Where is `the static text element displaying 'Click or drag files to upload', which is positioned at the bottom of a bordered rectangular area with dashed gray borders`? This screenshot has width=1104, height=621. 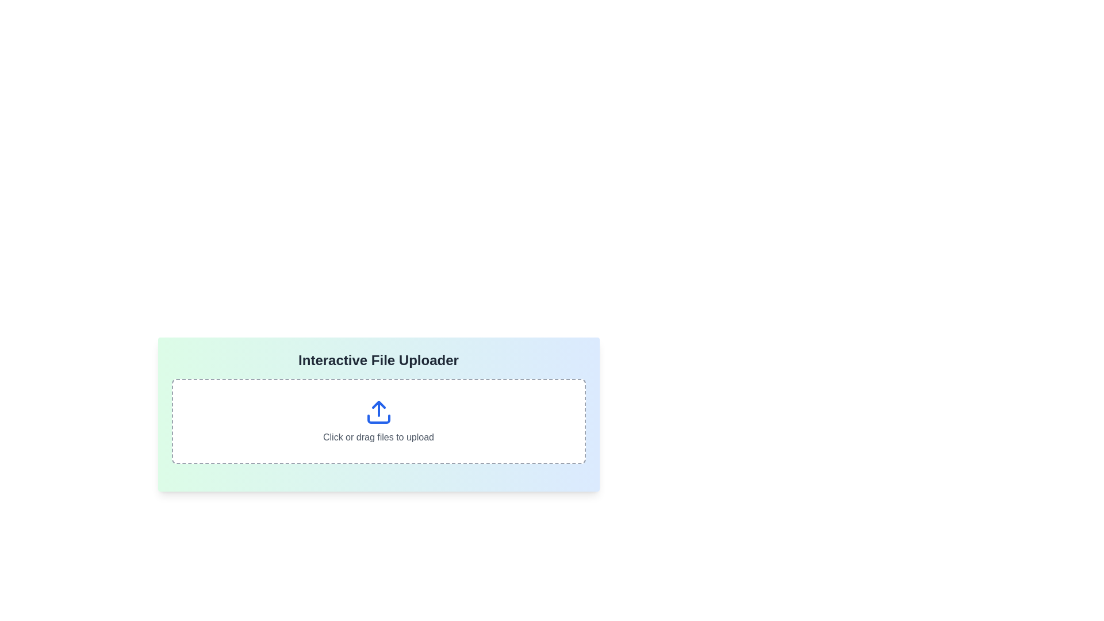 the static text element displaying 'Click or drag files to upload', which is positioned at the bottom of a bordered rectangular area with dashed gray borders is located at coordinates (378, 437).